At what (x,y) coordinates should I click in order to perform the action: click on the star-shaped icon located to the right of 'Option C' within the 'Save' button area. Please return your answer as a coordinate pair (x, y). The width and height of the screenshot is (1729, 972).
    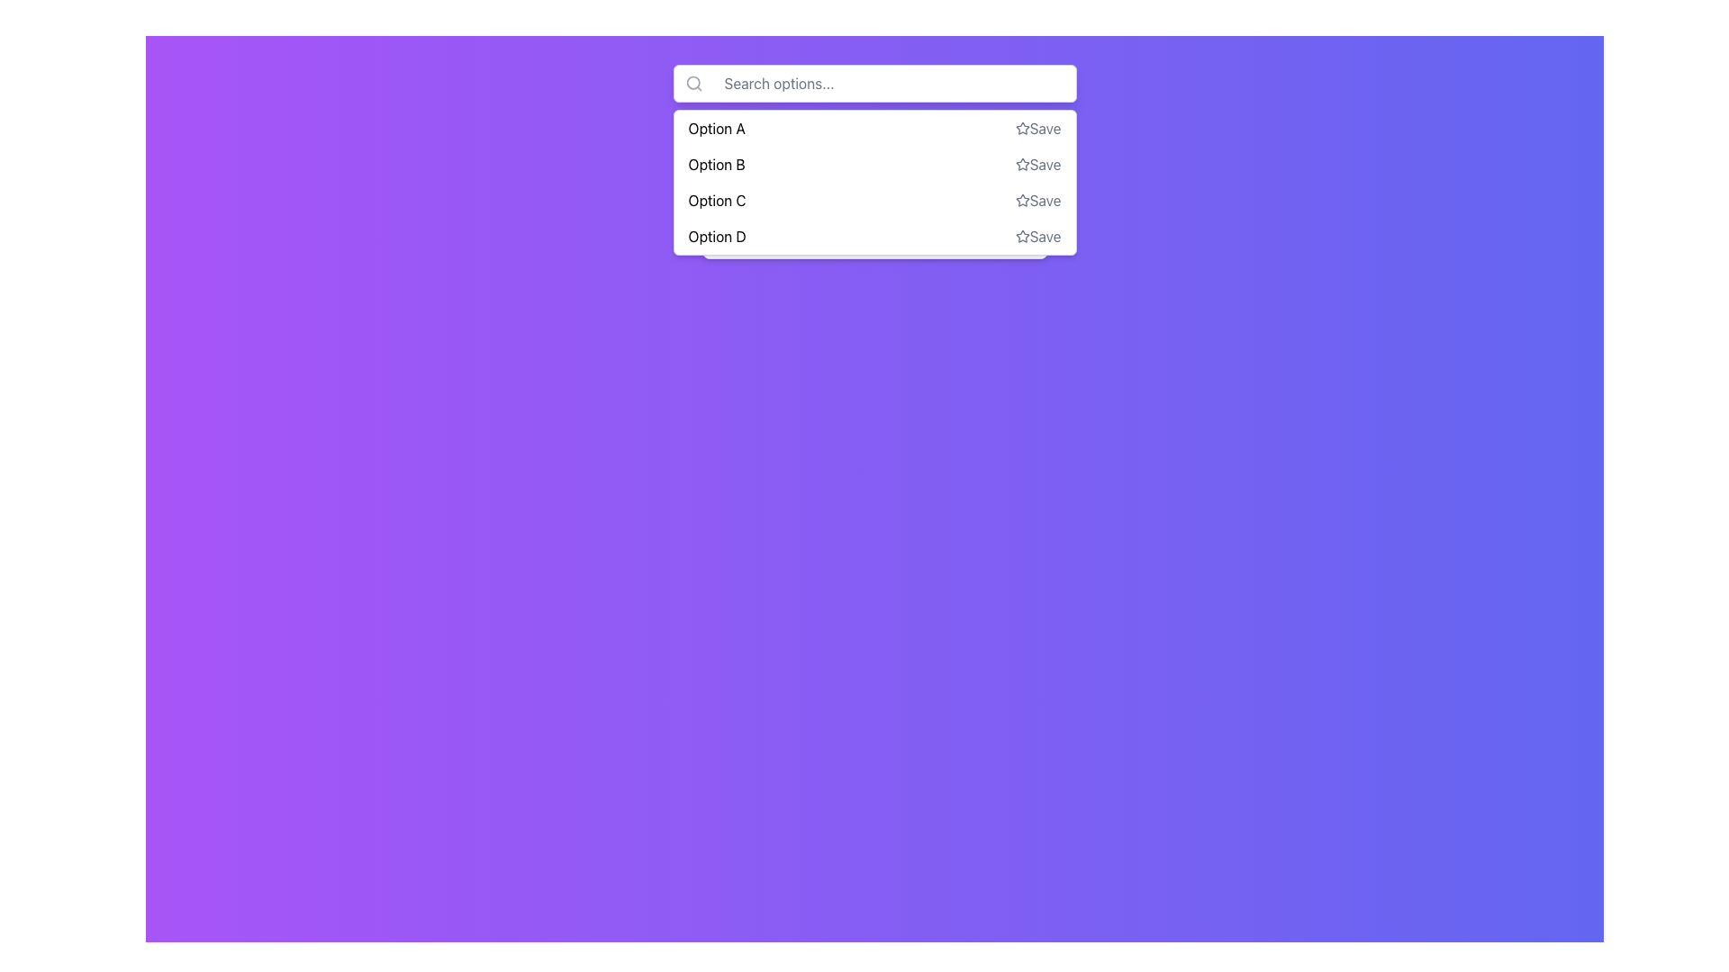
    Looking at the image, I should click on (1022, 200).